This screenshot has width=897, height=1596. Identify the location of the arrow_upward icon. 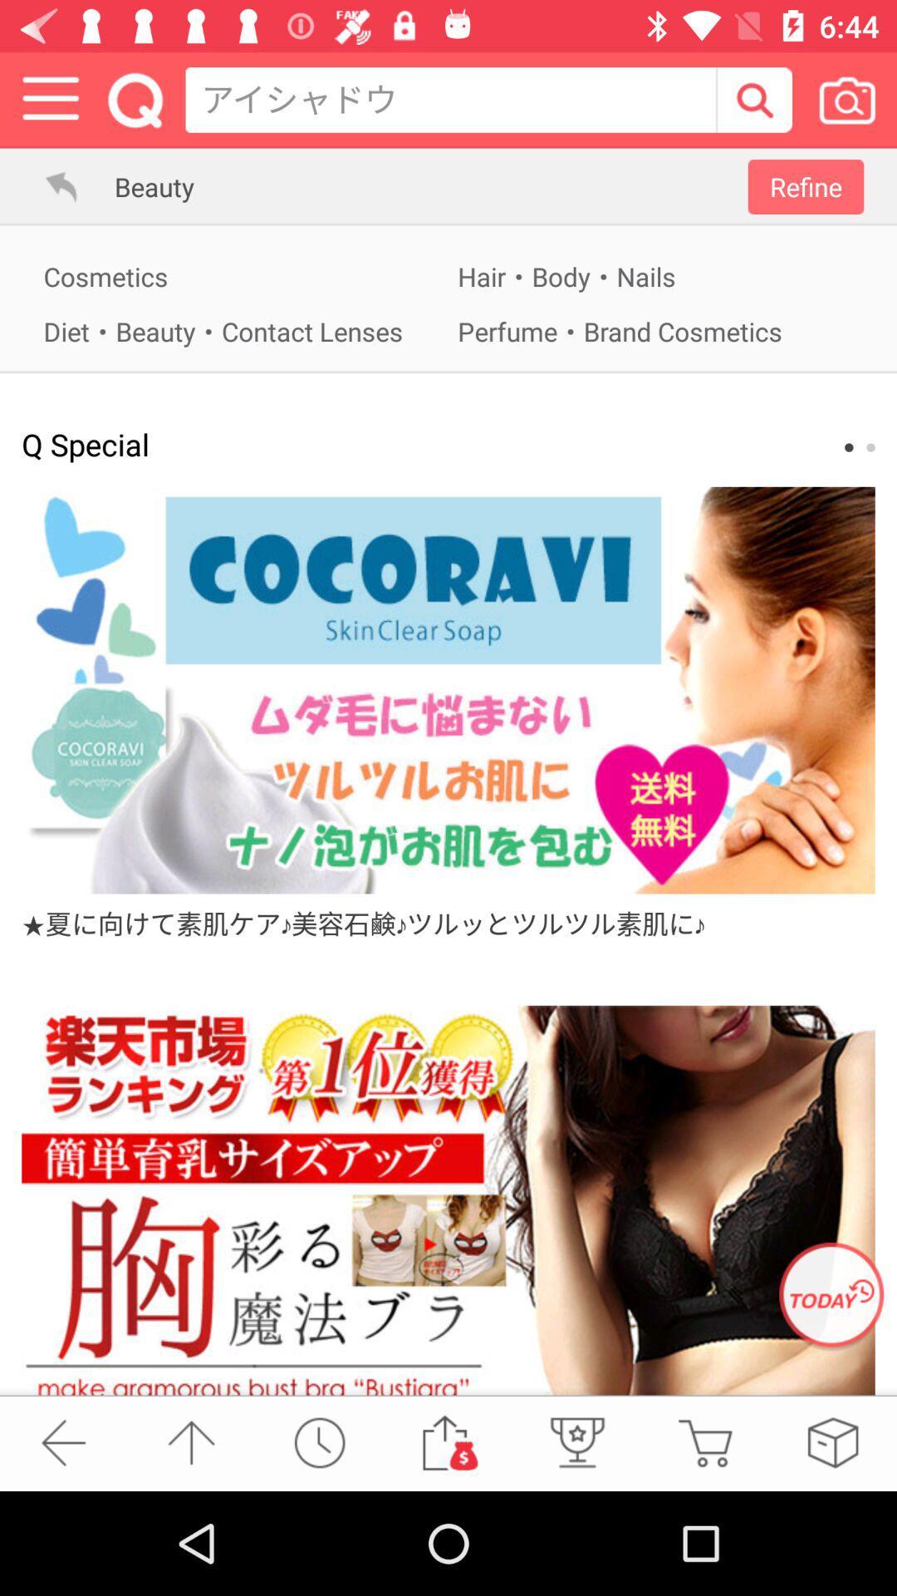
(190, 1441).